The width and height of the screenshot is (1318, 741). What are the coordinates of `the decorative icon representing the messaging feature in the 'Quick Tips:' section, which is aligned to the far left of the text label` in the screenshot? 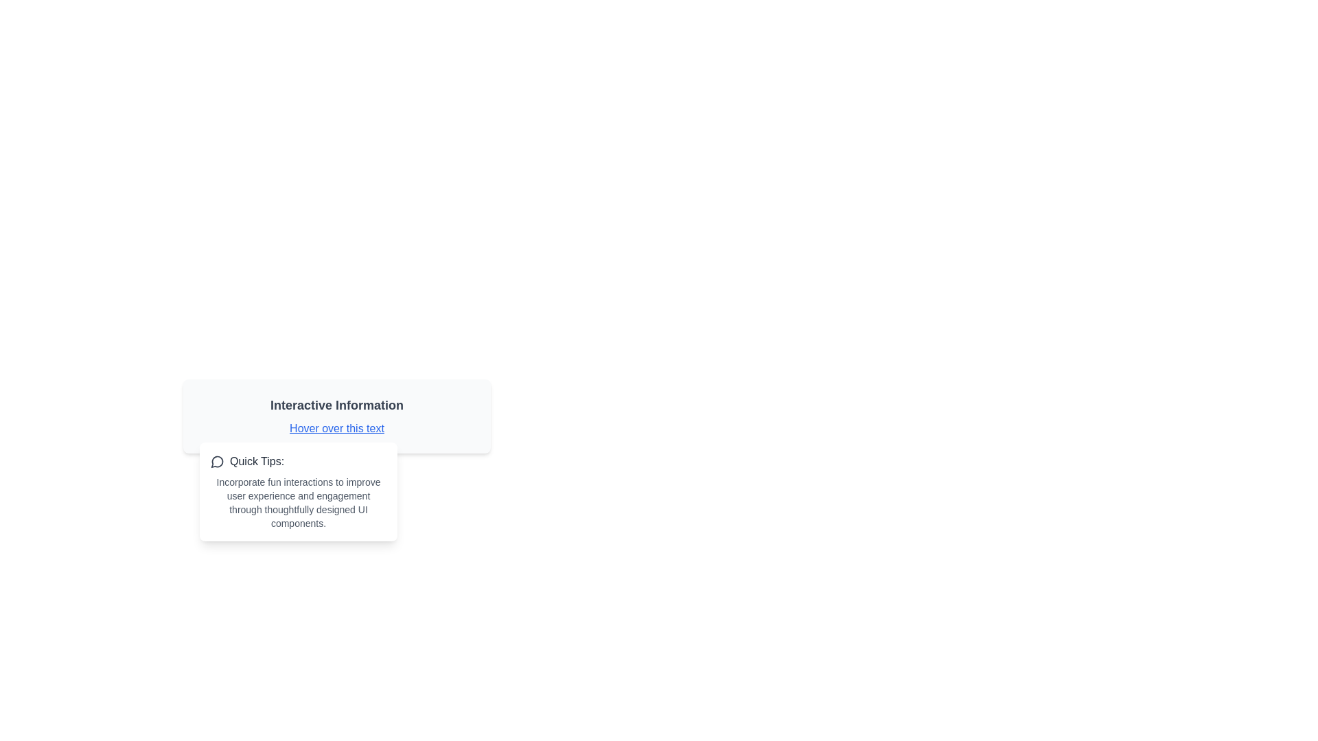 It's located at (216, 461).